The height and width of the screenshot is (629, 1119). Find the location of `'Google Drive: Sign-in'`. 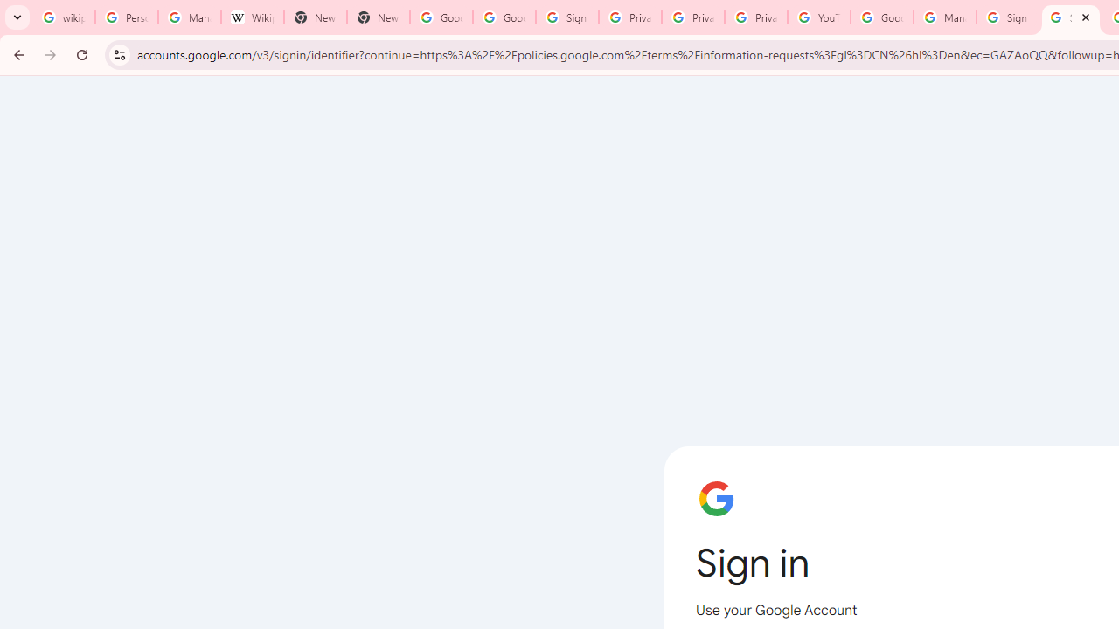

'Google Drive: Sign-in' is located at coordinates (504, 17).